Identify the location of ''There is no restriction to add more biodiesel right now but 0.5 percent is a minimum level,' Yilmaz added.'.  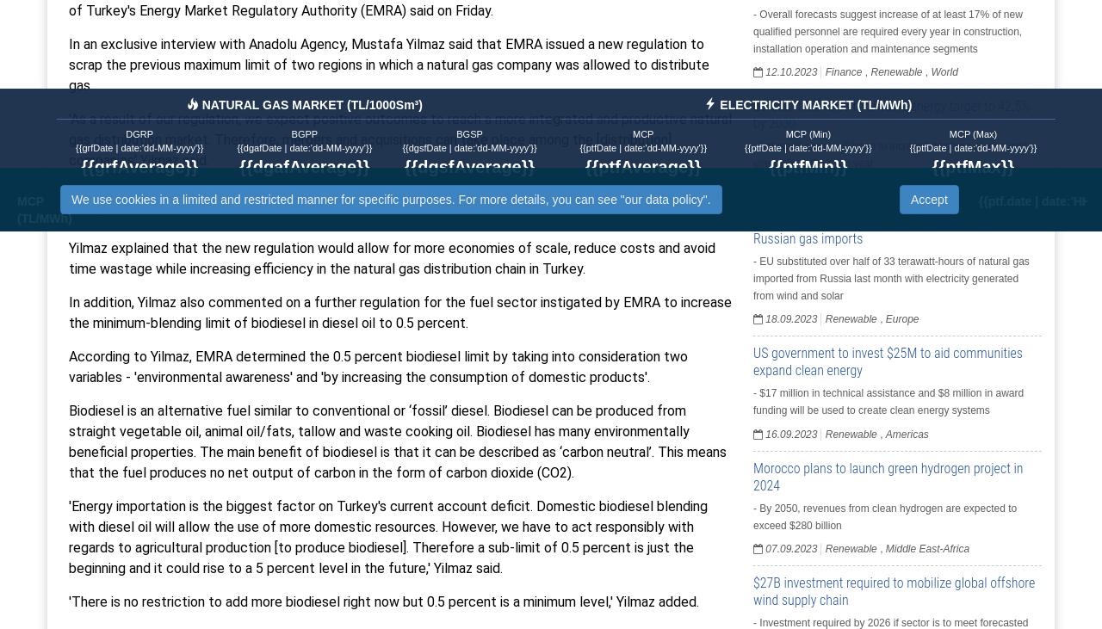
(382, 601).